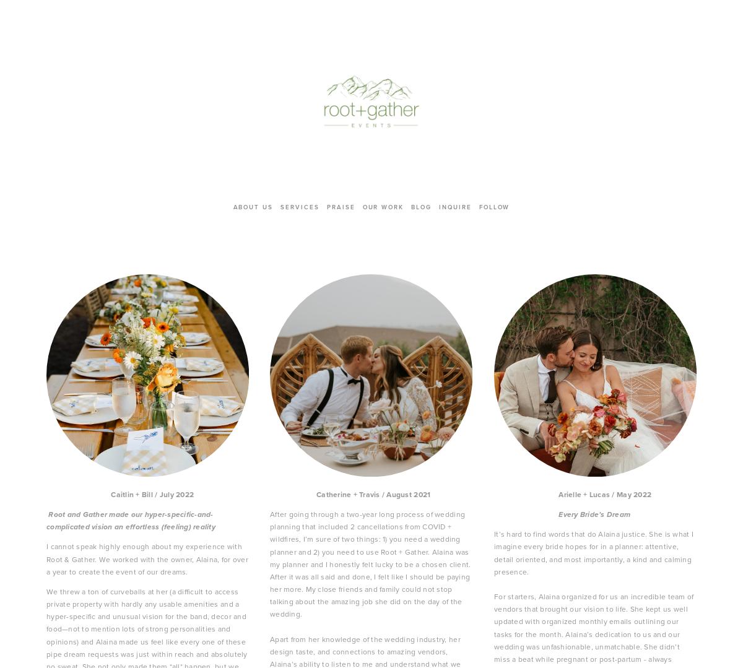 Image resolution: width=743 pixels, height=668 pixels. What do you see at coordinates (594, 513) in the screenshot?
I see `'Every Bride’s Dream'` at bounding box center [594, 513].